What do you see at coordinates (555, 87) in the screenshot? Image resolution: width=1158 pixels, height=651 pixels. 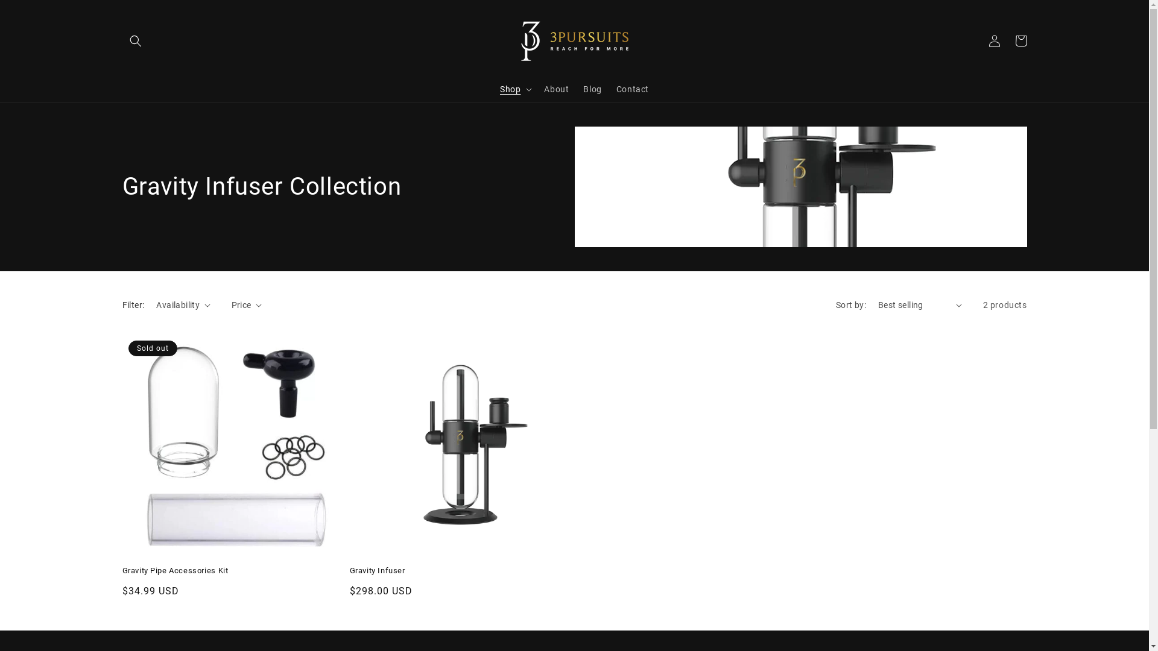 I see `'About'` at bounding box center [555, 87].